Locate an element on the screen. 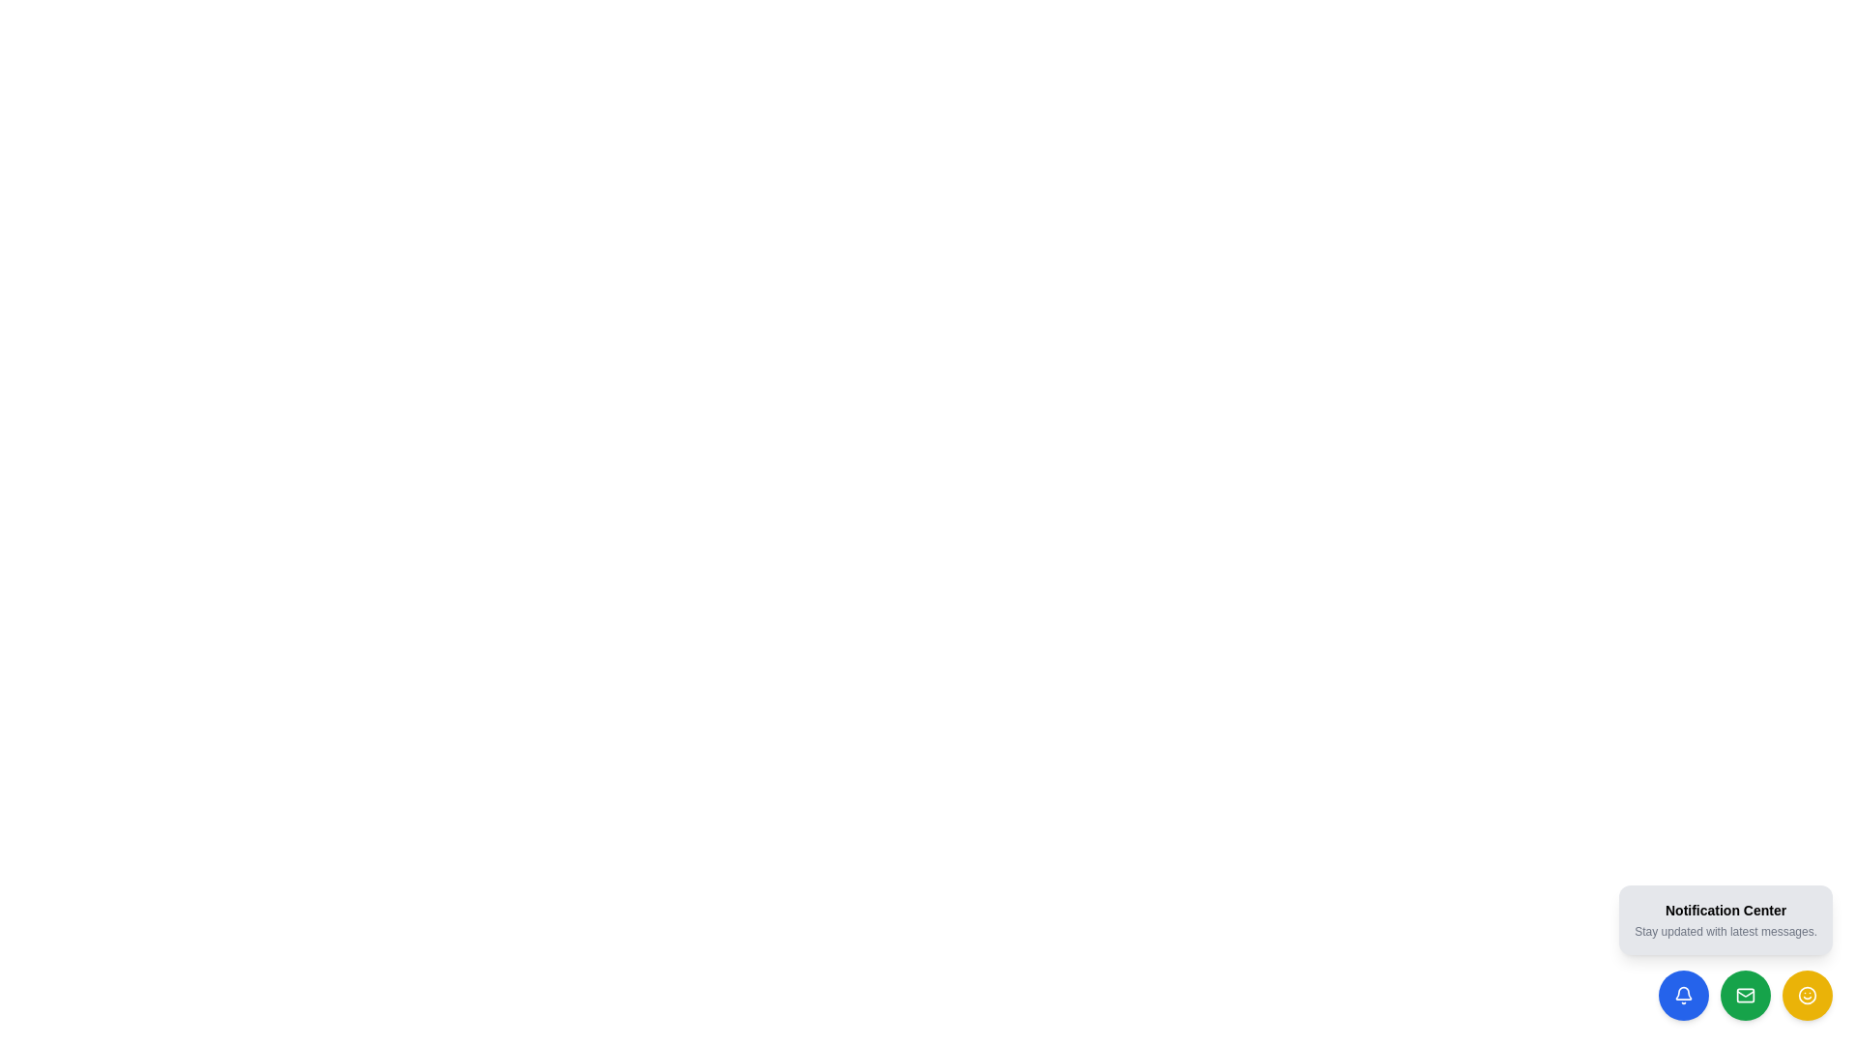 Image resolution: width=1856 pixels, height=1044 pixels. the green circular icon button in the bottom-right corner is located at coordinates (1745, 995).